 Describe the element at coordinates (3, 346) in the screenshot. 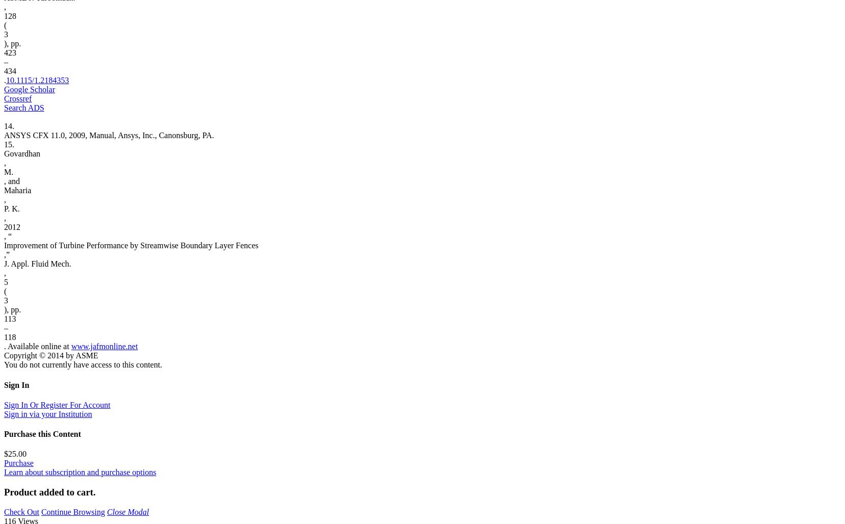

I see `'. Available online at'` at that location.